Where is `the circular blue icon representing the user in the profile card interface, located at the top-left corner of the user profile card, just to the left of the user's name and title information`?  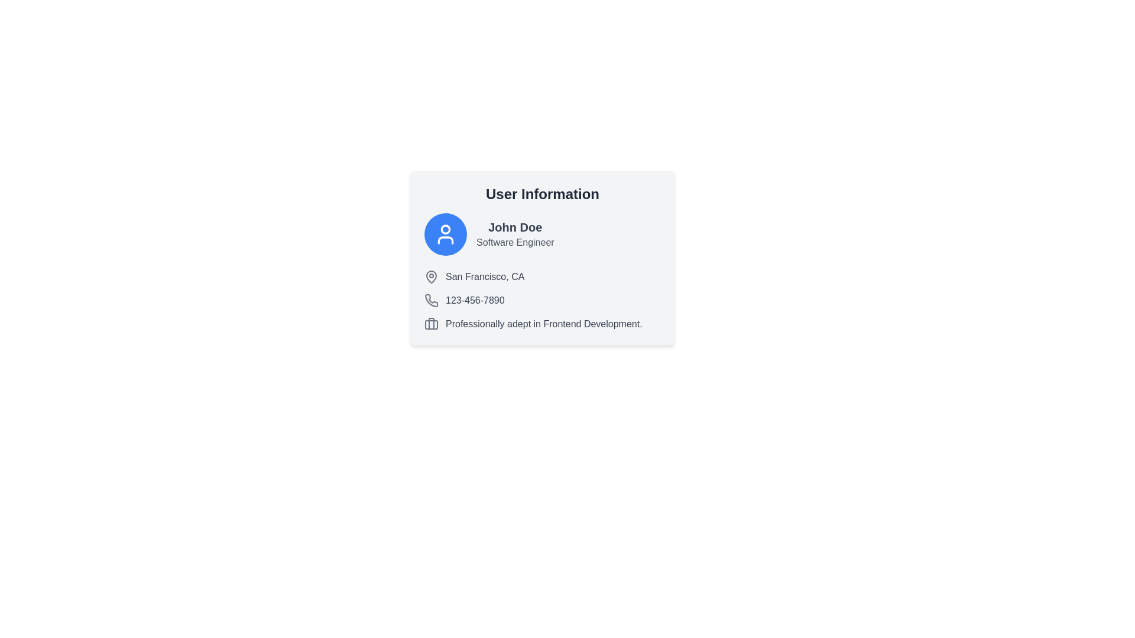 the circular blue icon representing the user in the profile card interface, located at the top-left corner of the user profile card, just to the left of the user's name and title information is located at coordinates (445, 235).